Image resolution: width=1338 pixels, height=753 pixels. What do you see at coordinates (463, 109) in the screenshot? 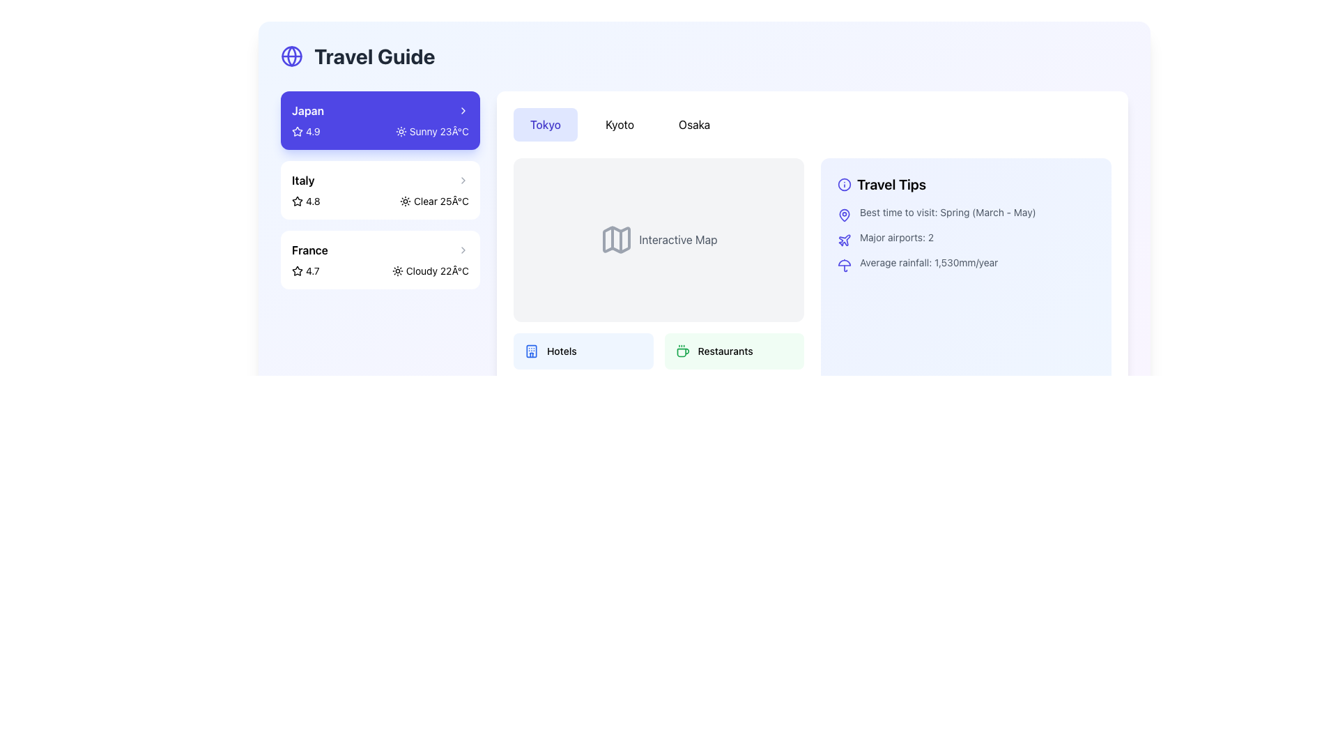
I see `the icon located on the far right of the blue rectangular button labeled 'Japan' in the 'Travel Guide' section` at bounding box center [463, 109].